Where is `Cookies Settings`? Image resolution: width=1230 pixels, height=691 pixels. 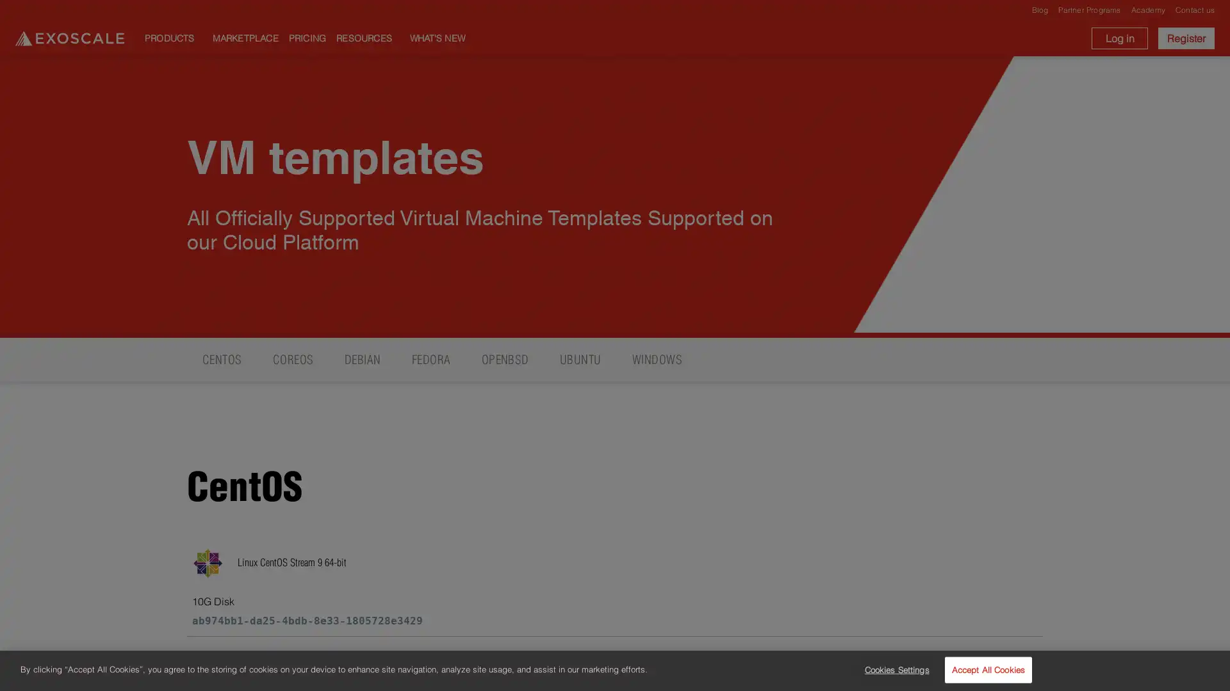 Cookies Settings is located at coordinates (892, 669).